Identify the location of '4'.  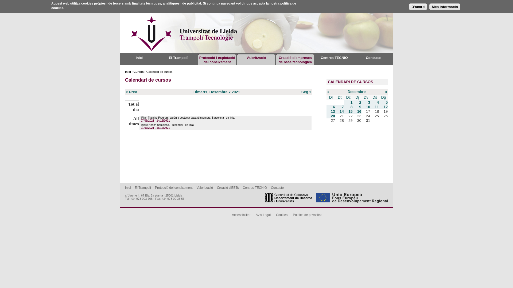
(376, 102).